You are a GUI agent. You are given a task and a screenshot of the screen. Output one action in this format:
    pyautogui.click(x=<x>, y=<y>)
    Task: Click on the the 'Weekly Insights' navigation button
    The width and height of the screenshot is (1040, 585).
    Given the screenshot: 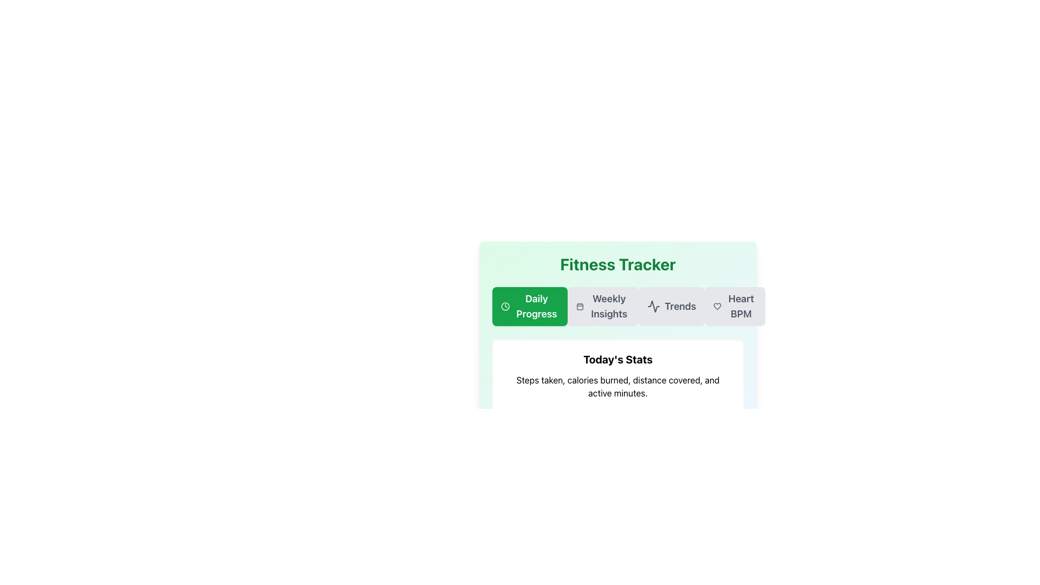 What is the action you would take?
    pyautogui.click(x=602, y=307)
    